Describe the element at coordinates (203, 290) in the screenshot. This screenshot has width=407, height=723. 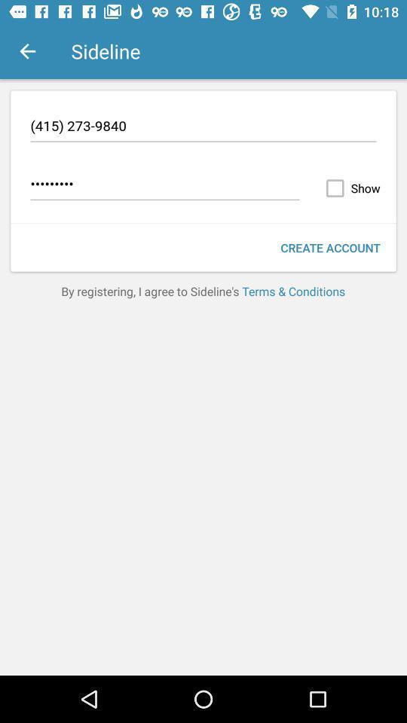
I see `by registering i` at that location.